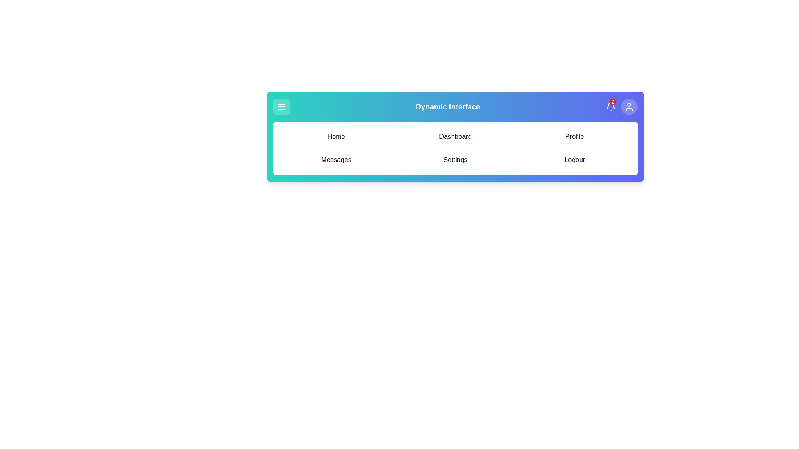 This screenshot has height=449, width=799. Describe the element at coordinates (336, 160) in the screenshot. I see `the navigation item Messages from the menu` at that location.